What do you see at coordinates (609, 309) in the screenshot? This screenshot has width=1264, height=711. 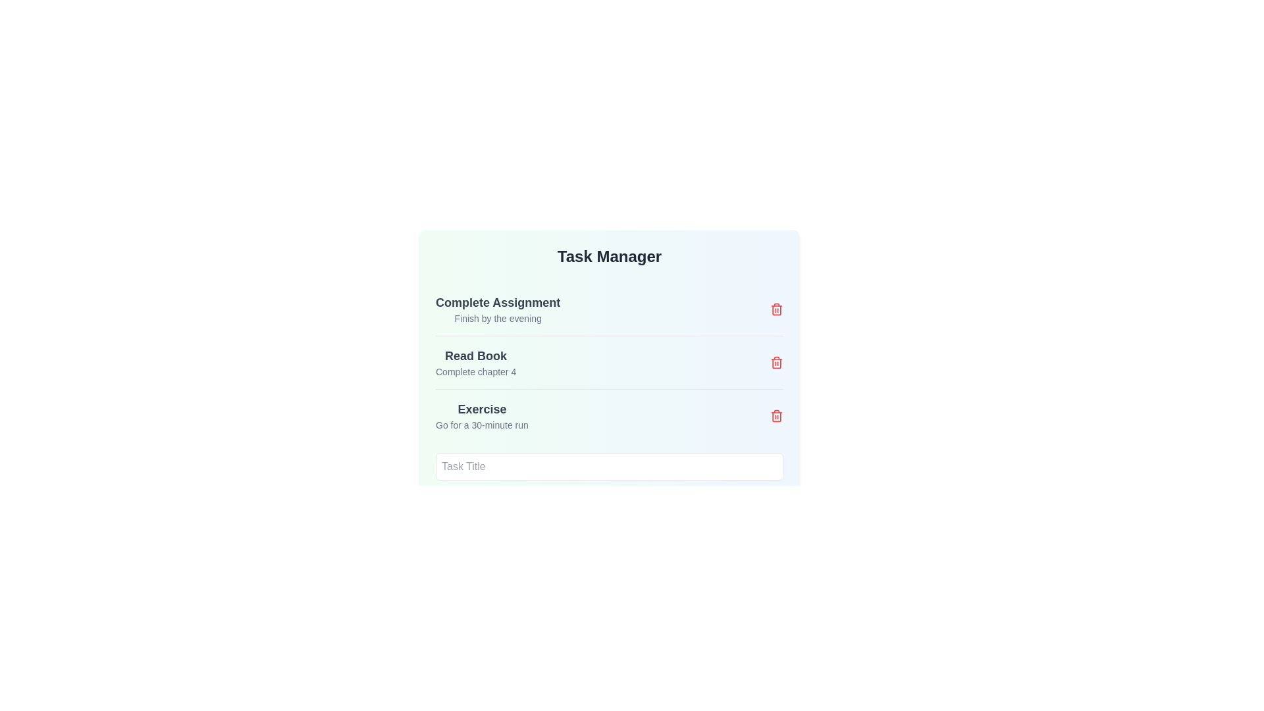 I see `the task item titled 'Complete Assignment'` at bounding box center [609, 309].